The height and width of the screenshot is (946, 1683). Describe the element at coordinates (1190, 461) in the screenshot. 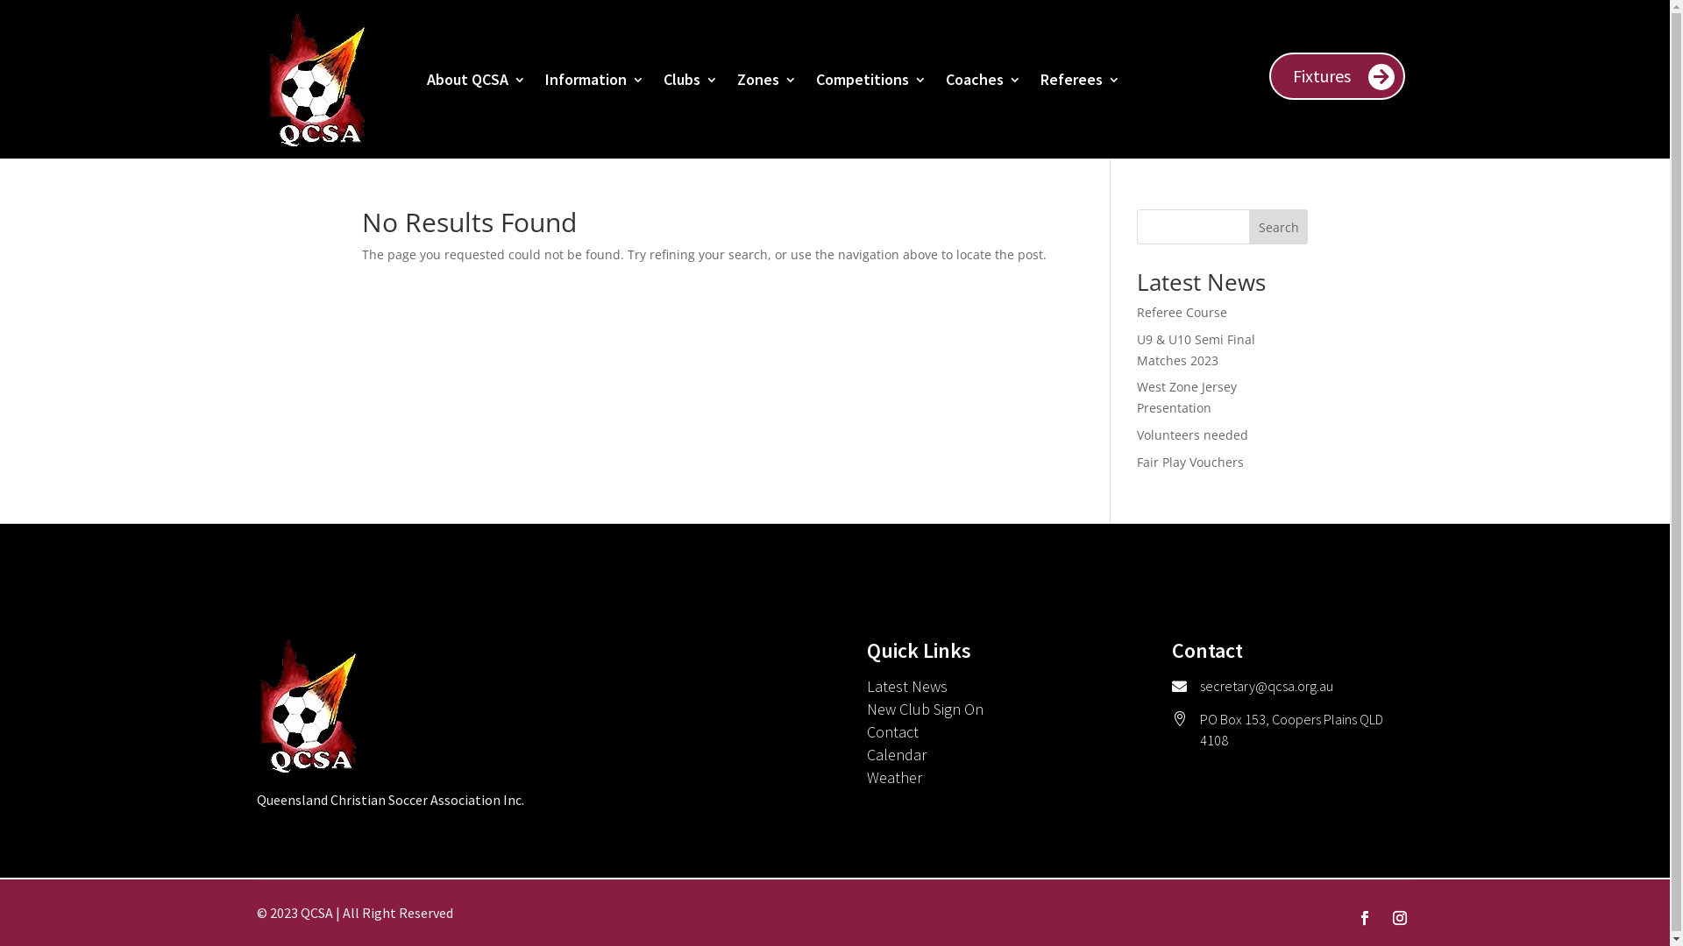

I see `'Fair Play Vouchers'` at that location.